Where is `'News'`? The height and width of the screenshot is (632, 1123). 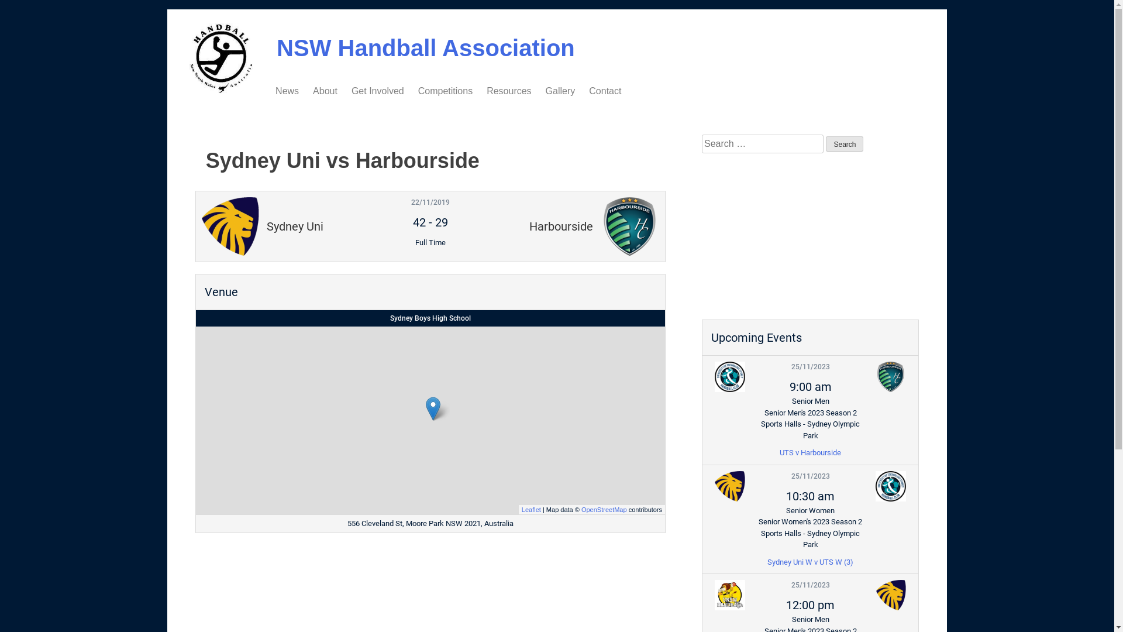 'News' is located at coordinates (287, 90).